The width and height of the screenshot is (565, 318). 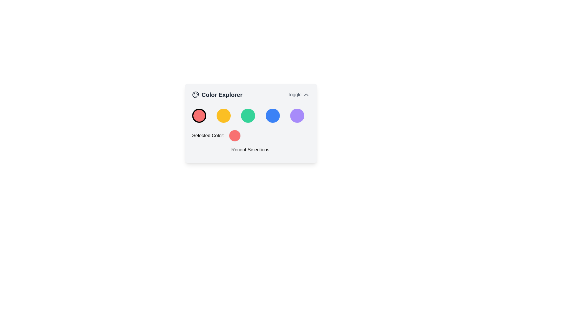 I want to click on the color representation by interacting with the color indicator that visually represents the currently selected color, which is centrally placed to the right of the 'Selected Color:' label, so click(x=235, y=136).